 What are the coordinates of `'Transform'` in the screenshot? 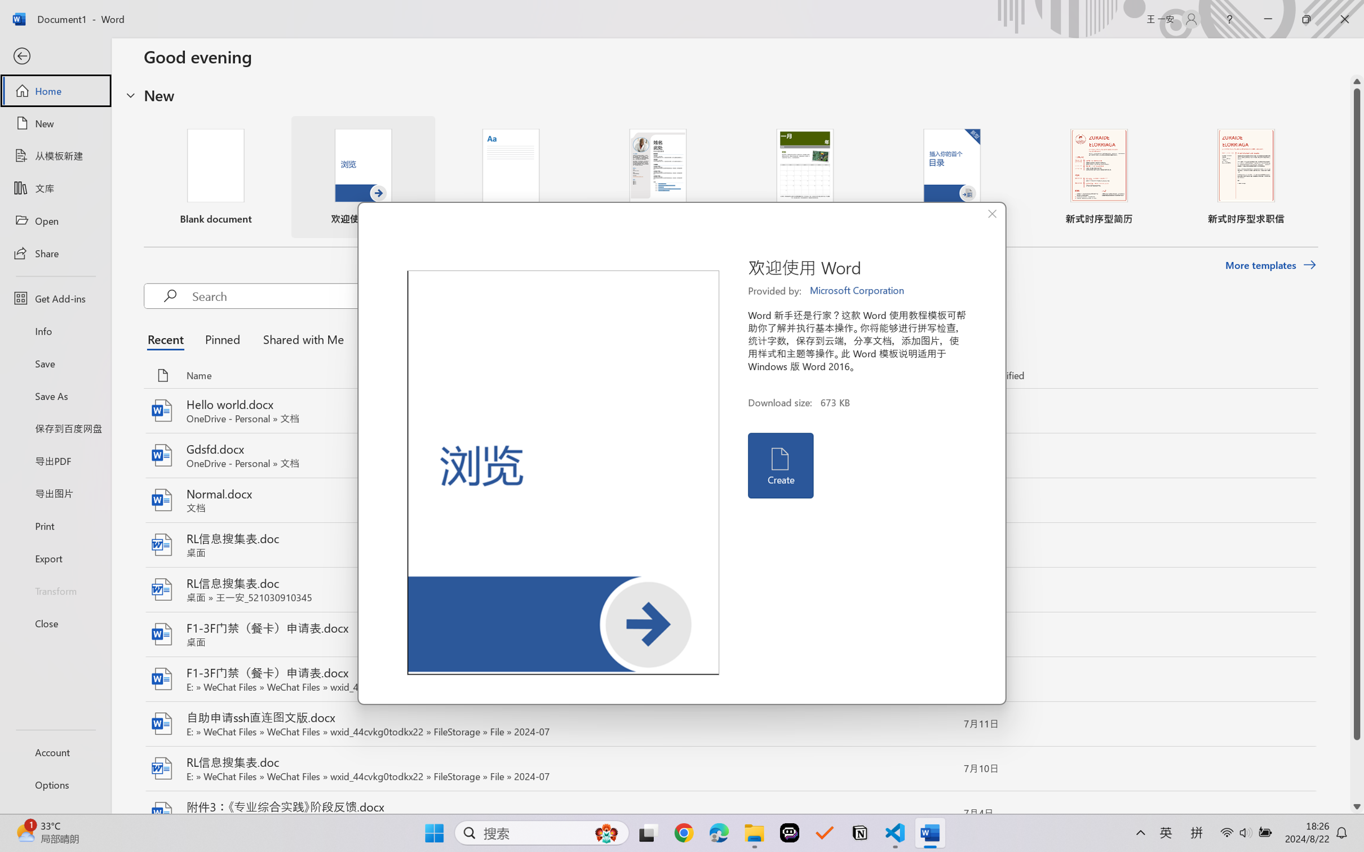 It's located at (55, 589).